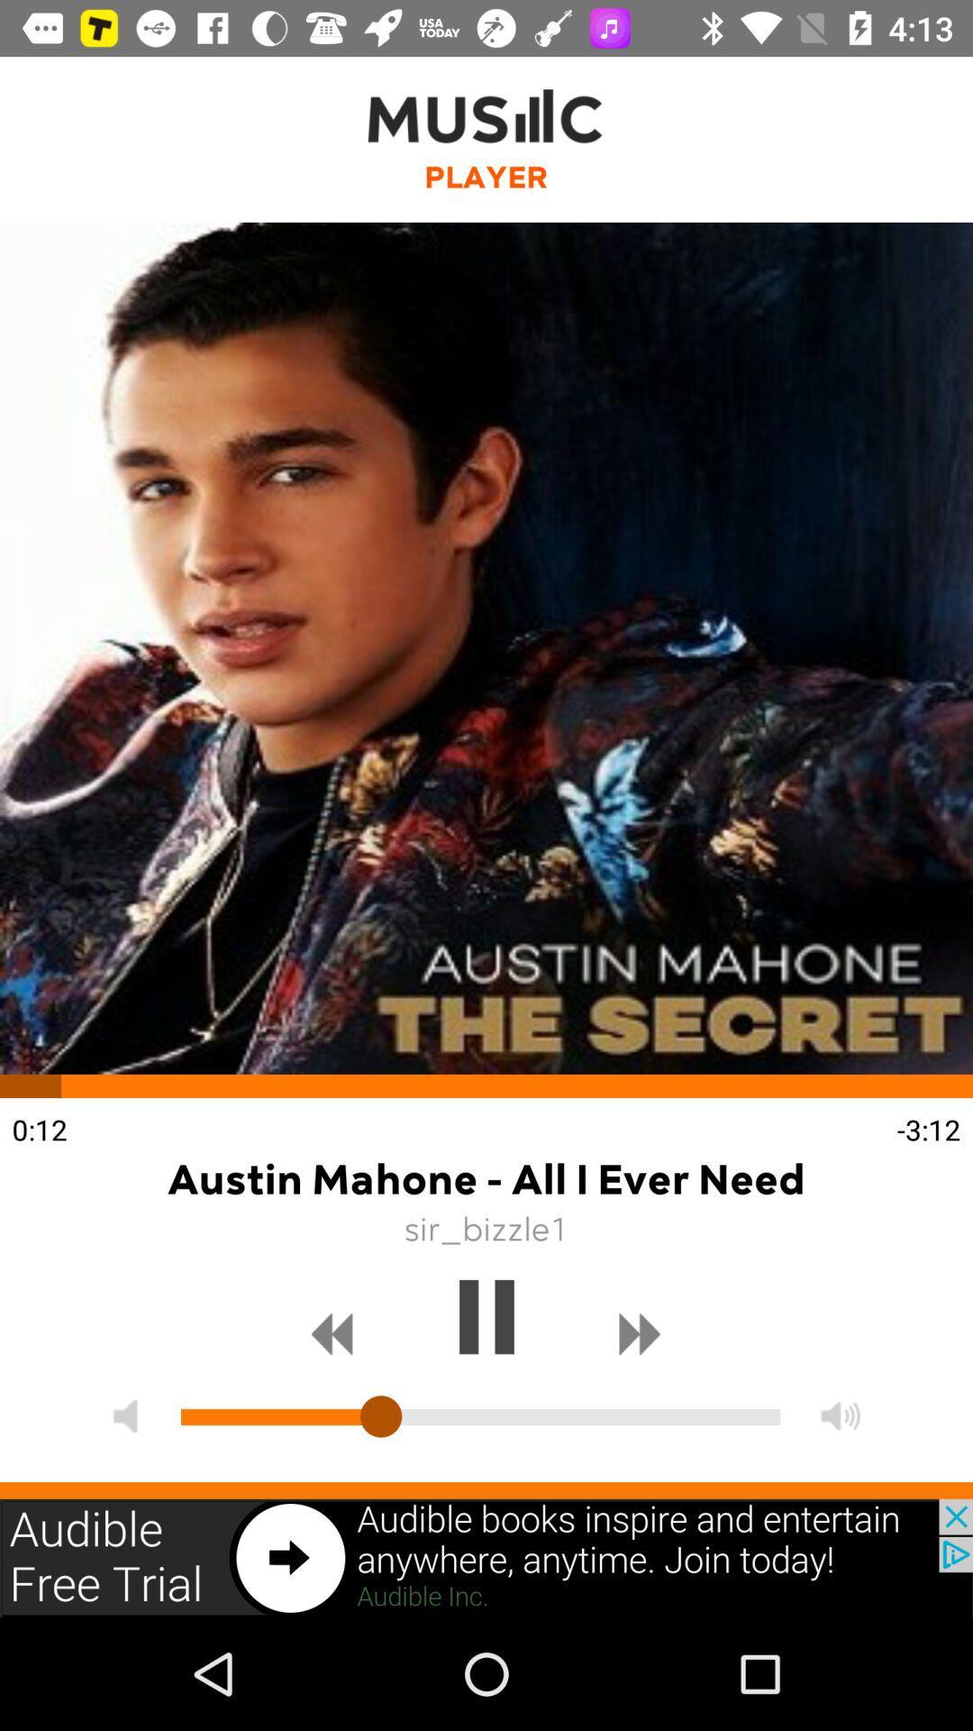 This screenshot has width=973, height=1731. What do you see at coordinates (486, 1317) in the screenshot?
I see `pause` at bounding box center [486, 1317].